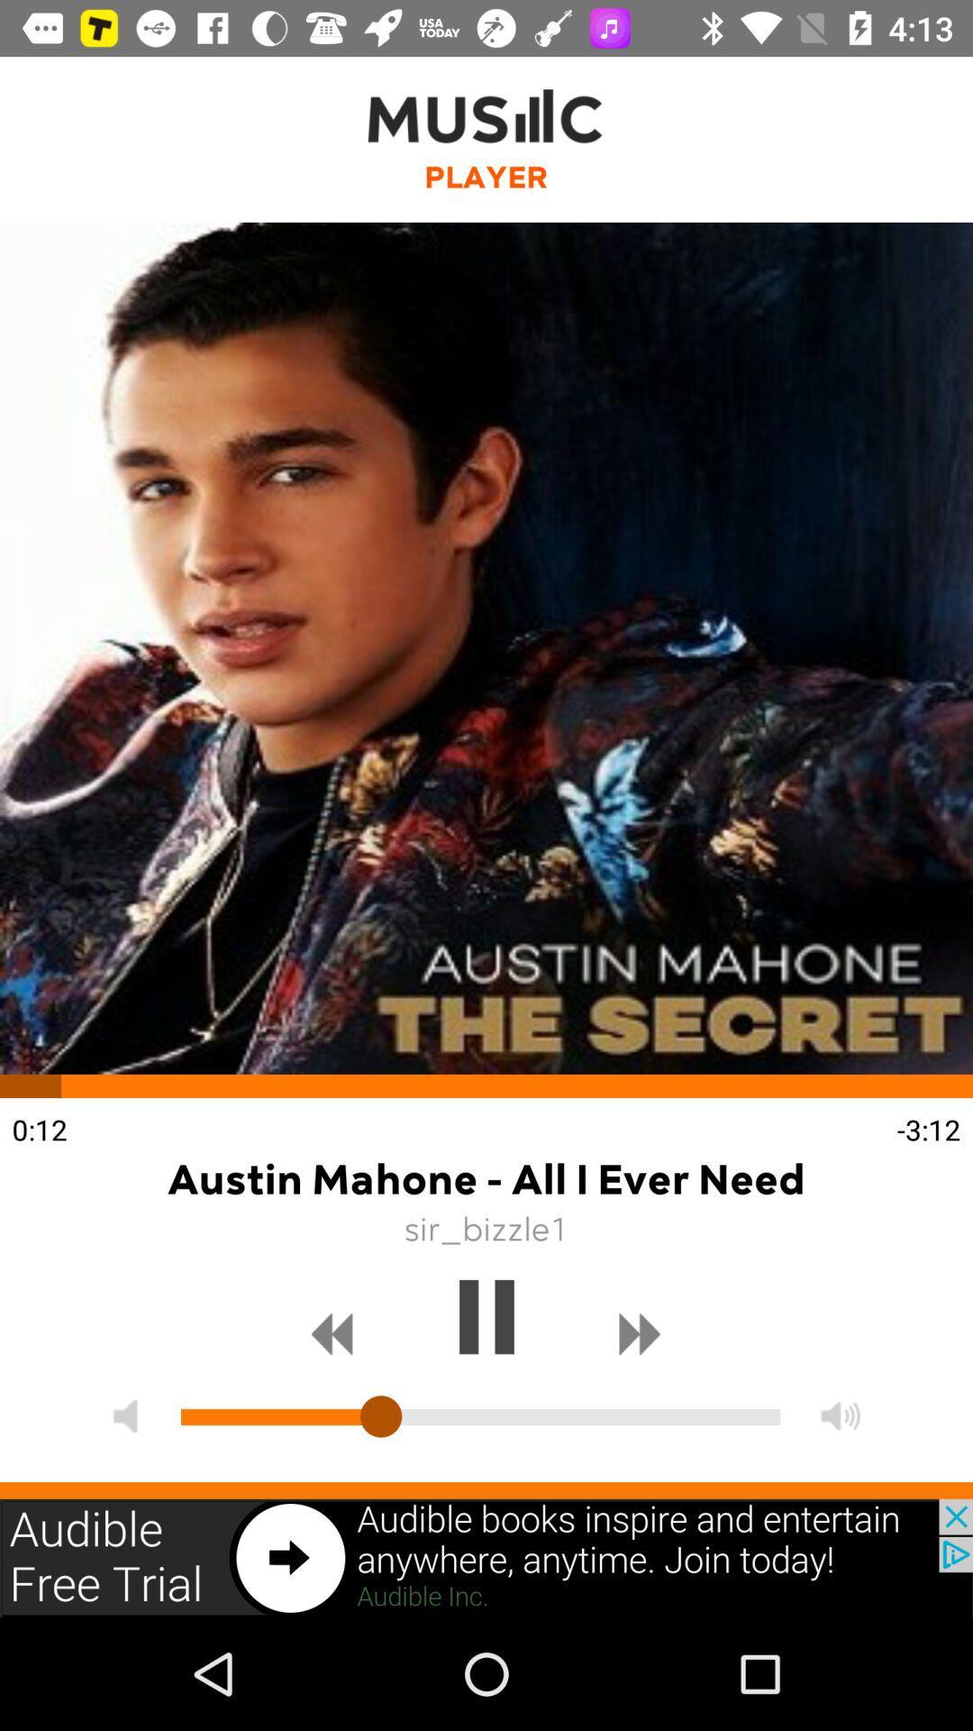 This screenshot has width=973, height=1731. What do you see at coordinates (486, 1317) in the screenshot?
I see `pause` at bounding box center [486, 1317].